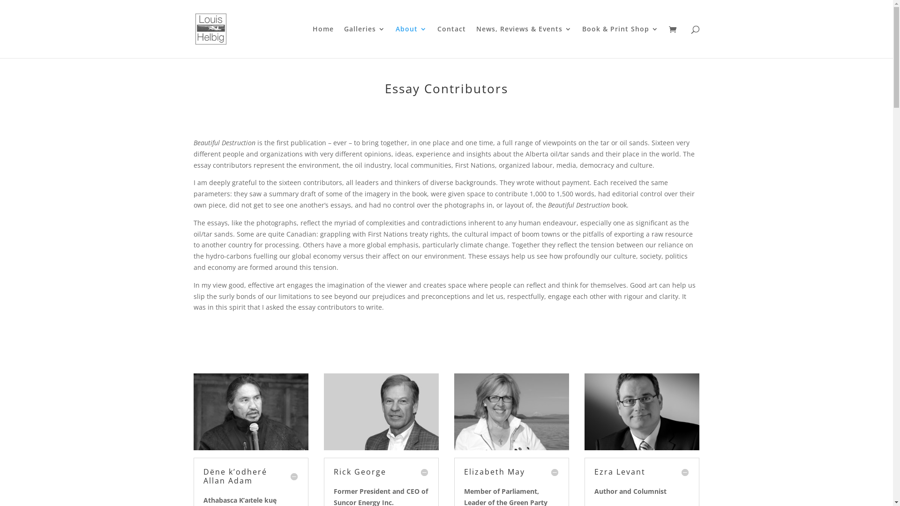  What do you see at coordinates (524, 41) in the screenshot?
I see `'News, Reviews & Events'` at bounding box center [524, 41].